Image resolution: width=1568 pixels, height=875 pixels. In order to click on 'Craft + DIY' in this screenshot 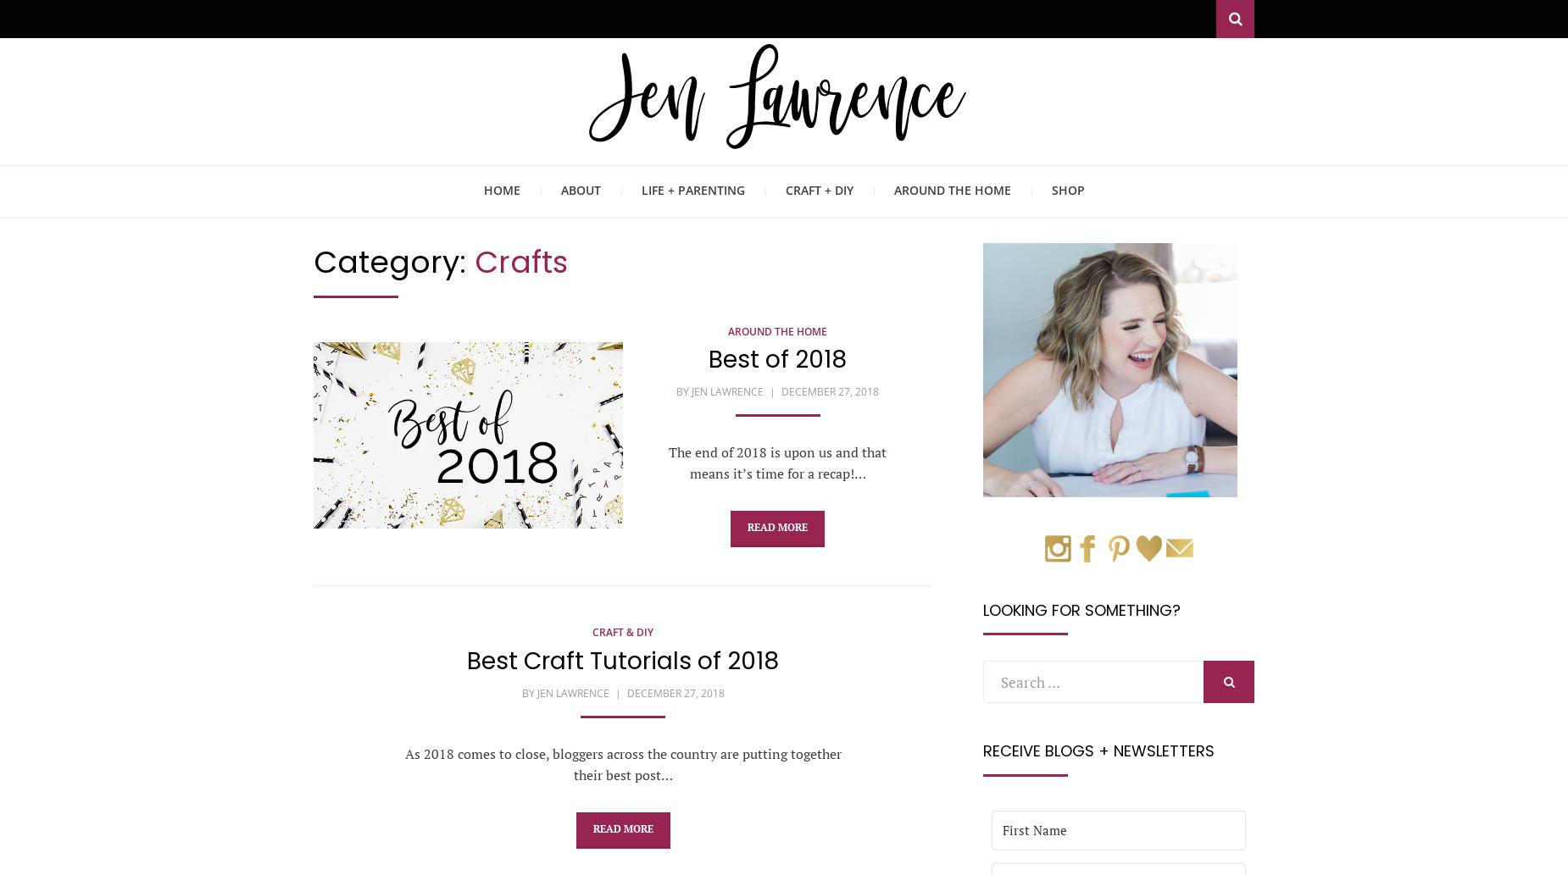, I will do `click(818, 189)`.